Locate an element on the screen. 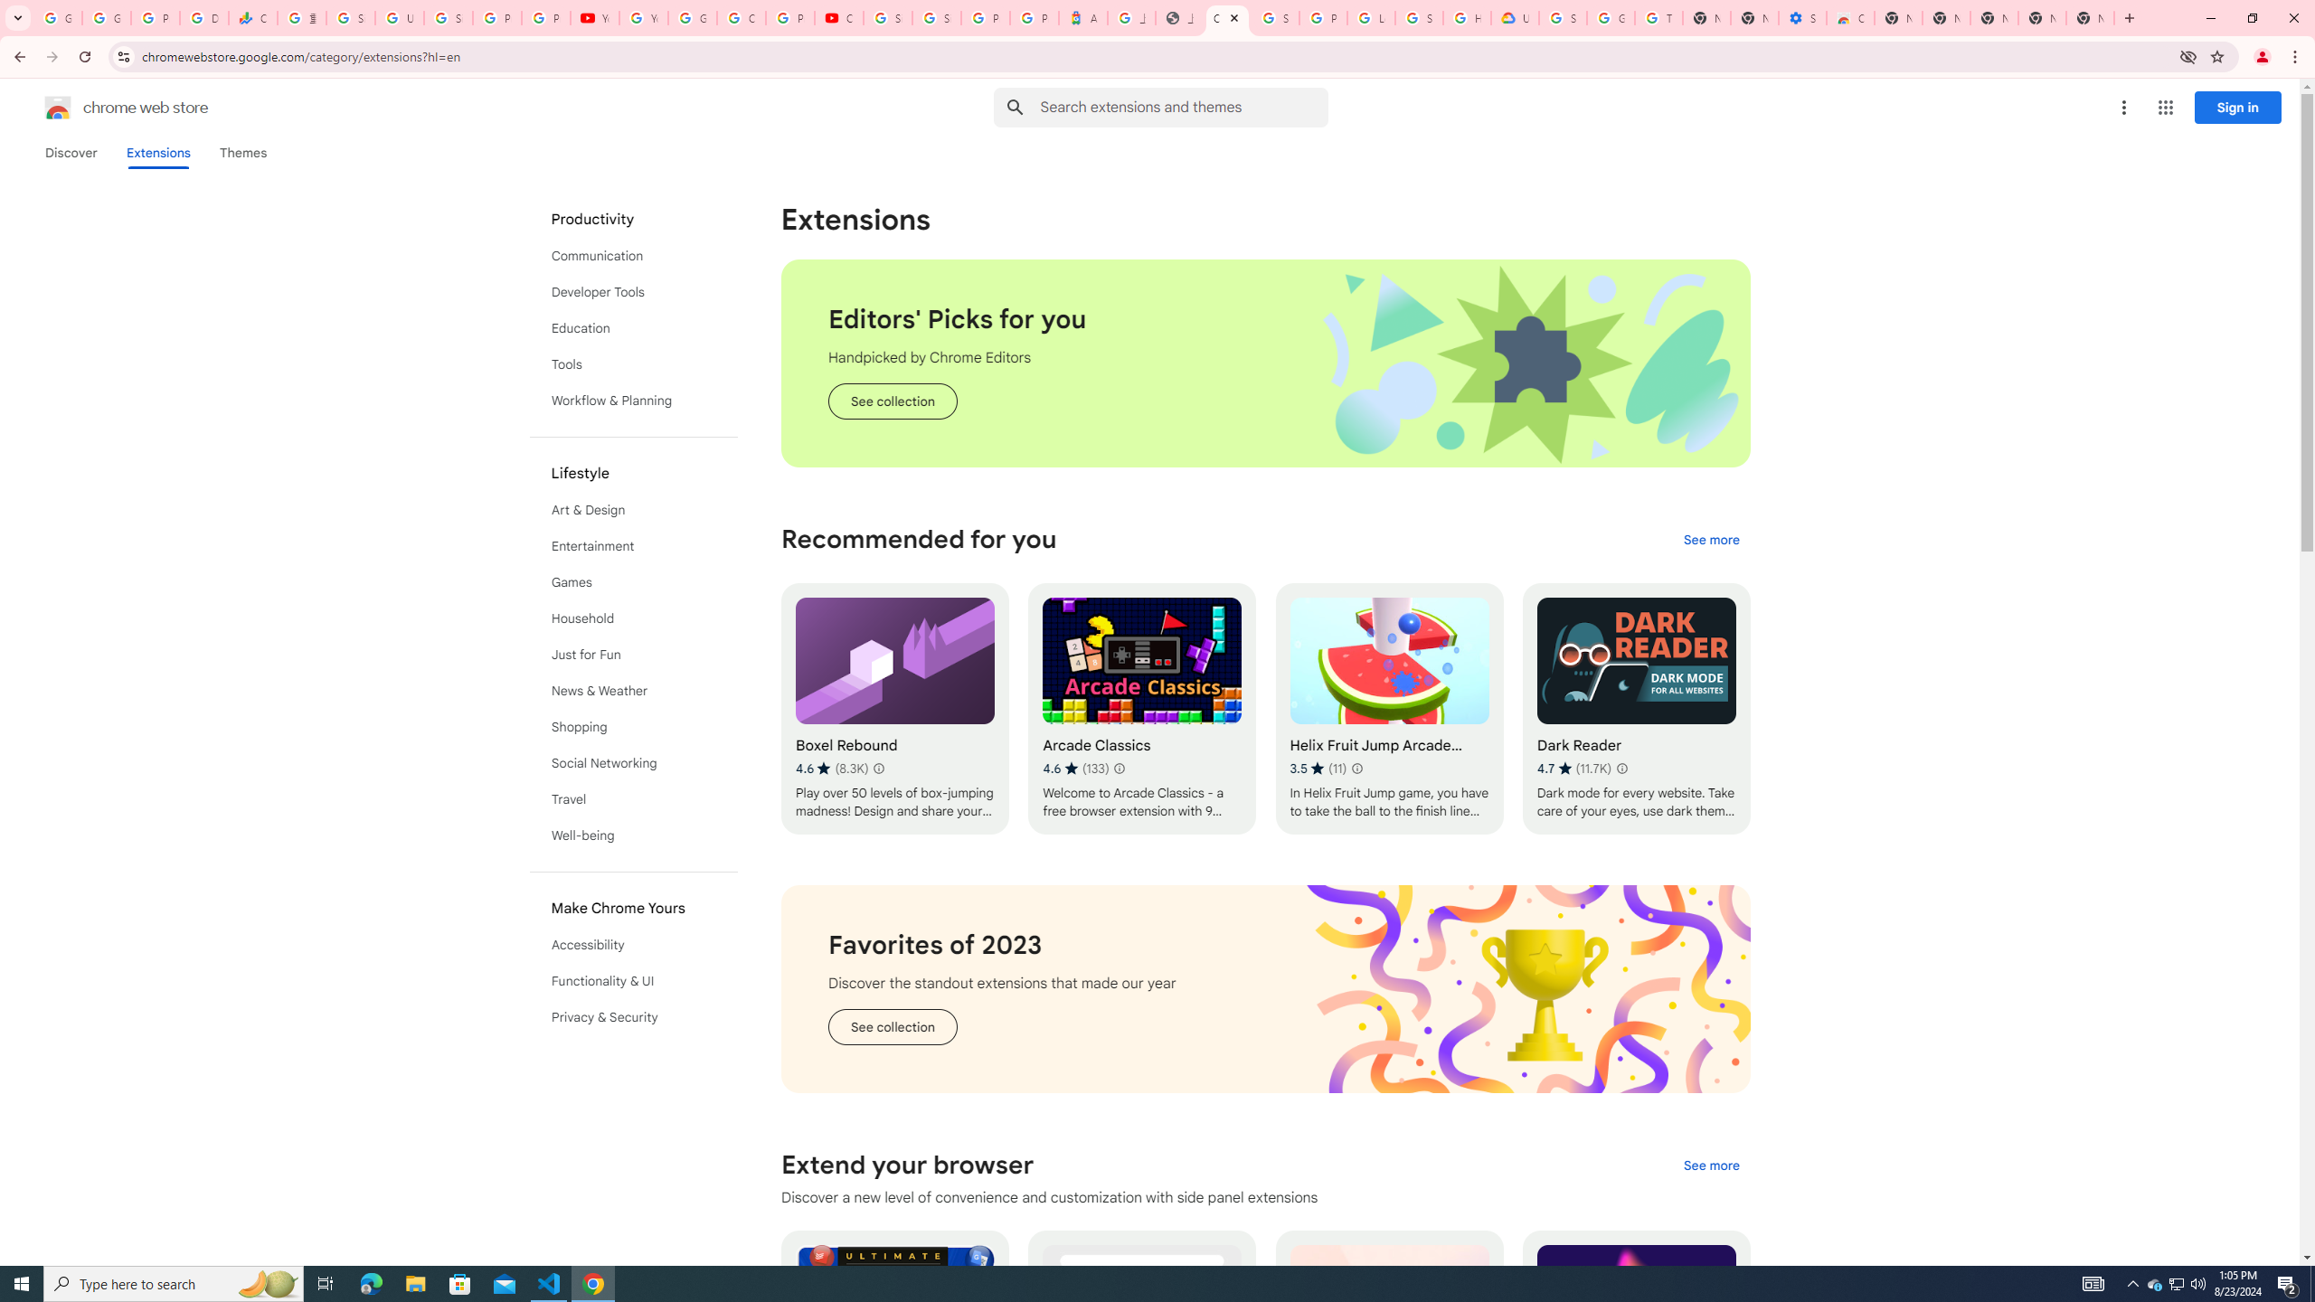  'Turn cookies on or off - Computer - Google Account Help' is located at coordinates (1658, 17).